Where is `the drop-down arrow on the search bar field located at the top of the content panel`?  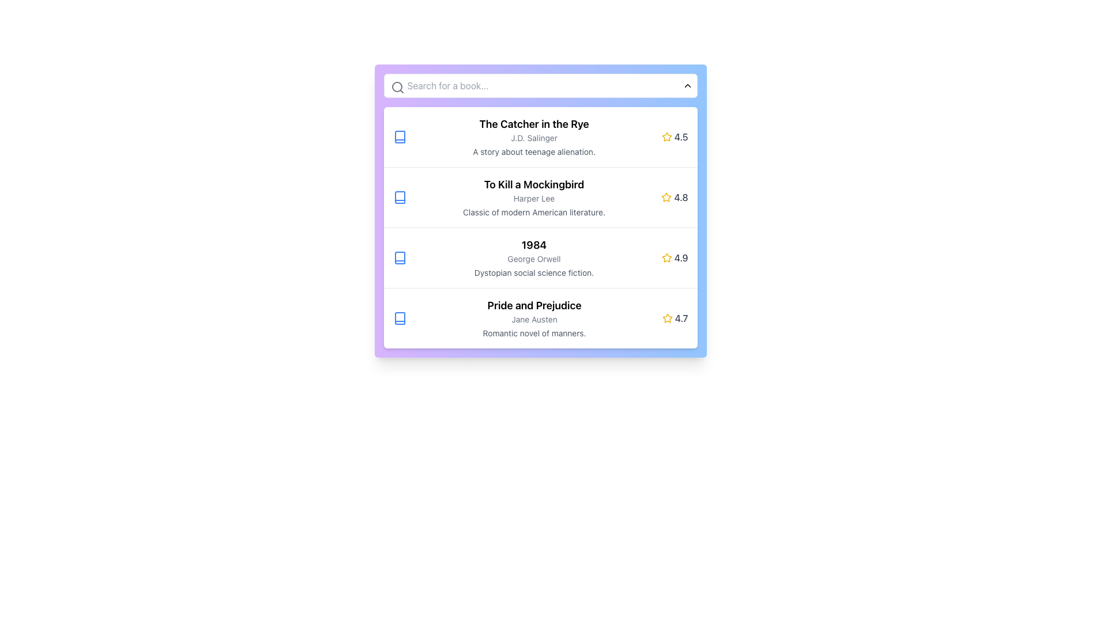
the drop-down arrow on the search bar field located at the top of the content panel is located at coordinates (540, 85).